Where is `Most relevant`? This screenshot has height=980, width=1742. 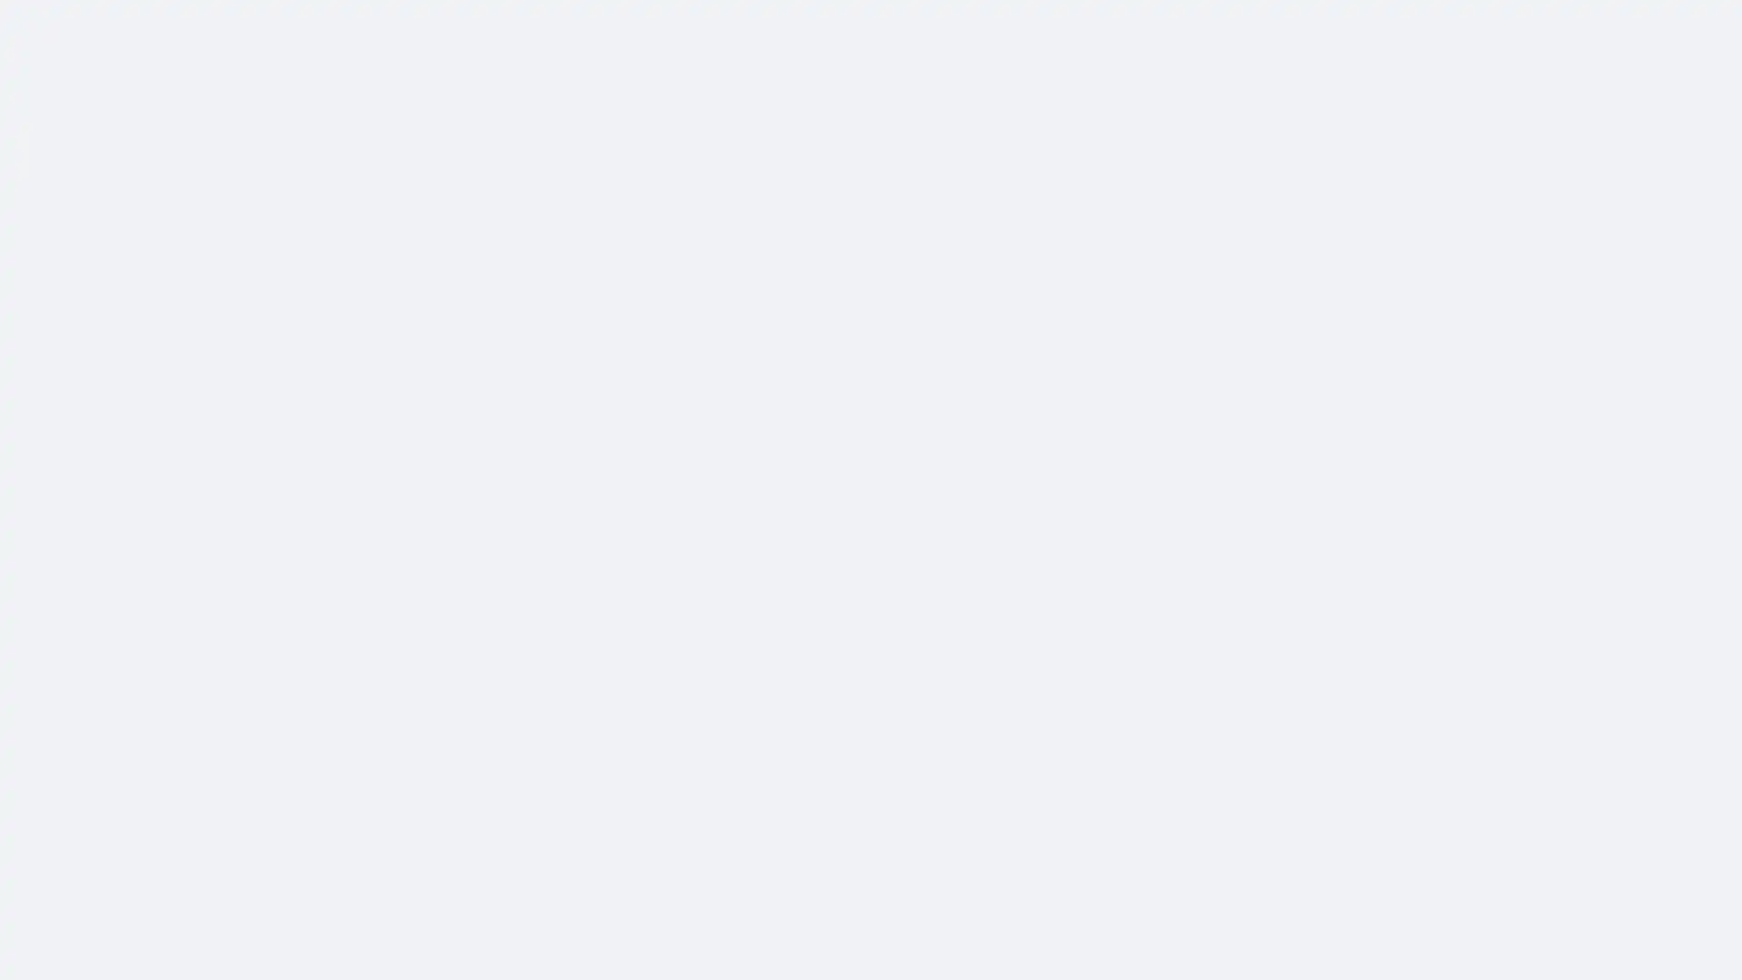 Most relevant is located at coordinates (1191, 511).